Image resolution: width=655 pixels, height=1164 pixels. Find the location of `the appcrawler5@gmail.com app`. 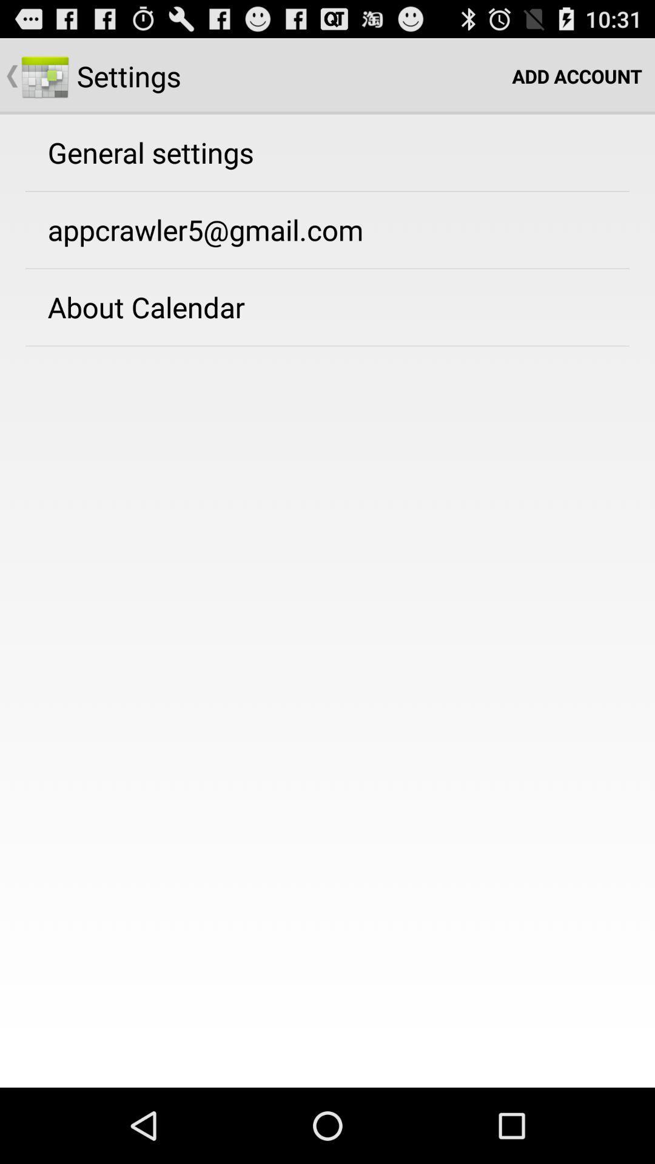

the appcrawler5@gmail.com app is located at coordinates (205, 230).